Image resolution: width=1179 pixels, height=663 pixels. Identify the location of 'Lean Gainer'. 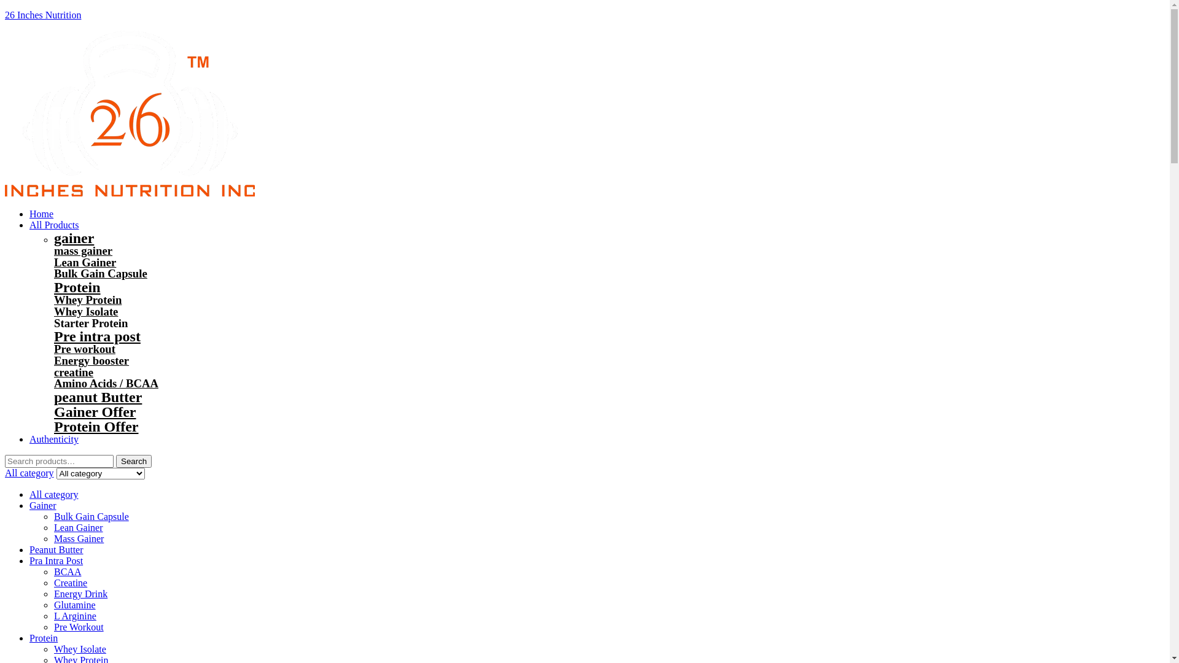
(53, 262).